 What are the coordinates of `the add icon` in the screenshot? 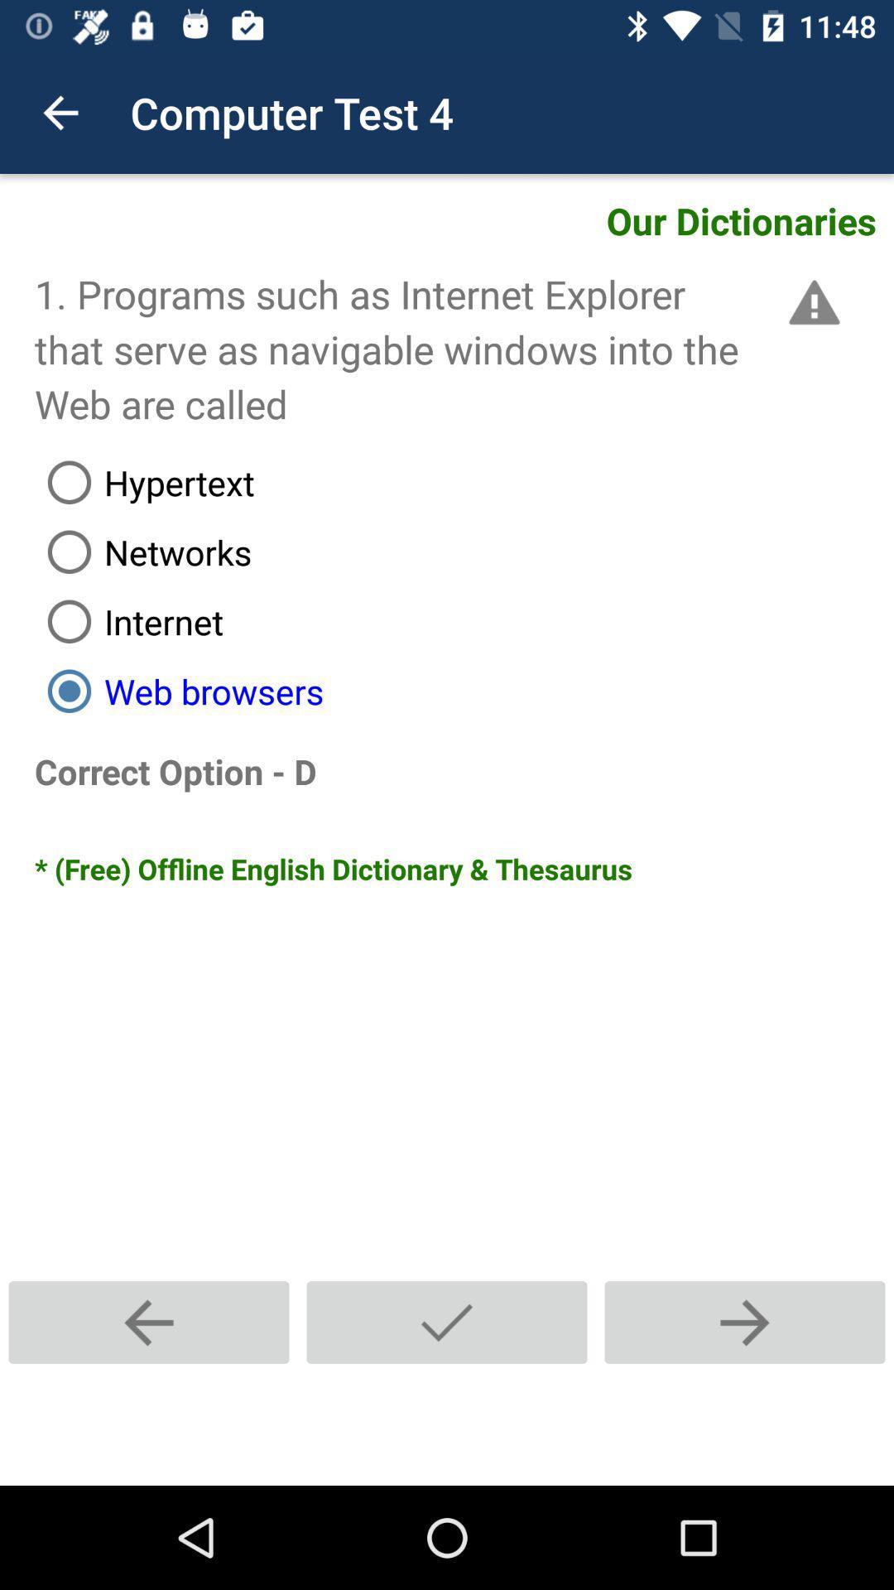 It's located at (149, 1322).